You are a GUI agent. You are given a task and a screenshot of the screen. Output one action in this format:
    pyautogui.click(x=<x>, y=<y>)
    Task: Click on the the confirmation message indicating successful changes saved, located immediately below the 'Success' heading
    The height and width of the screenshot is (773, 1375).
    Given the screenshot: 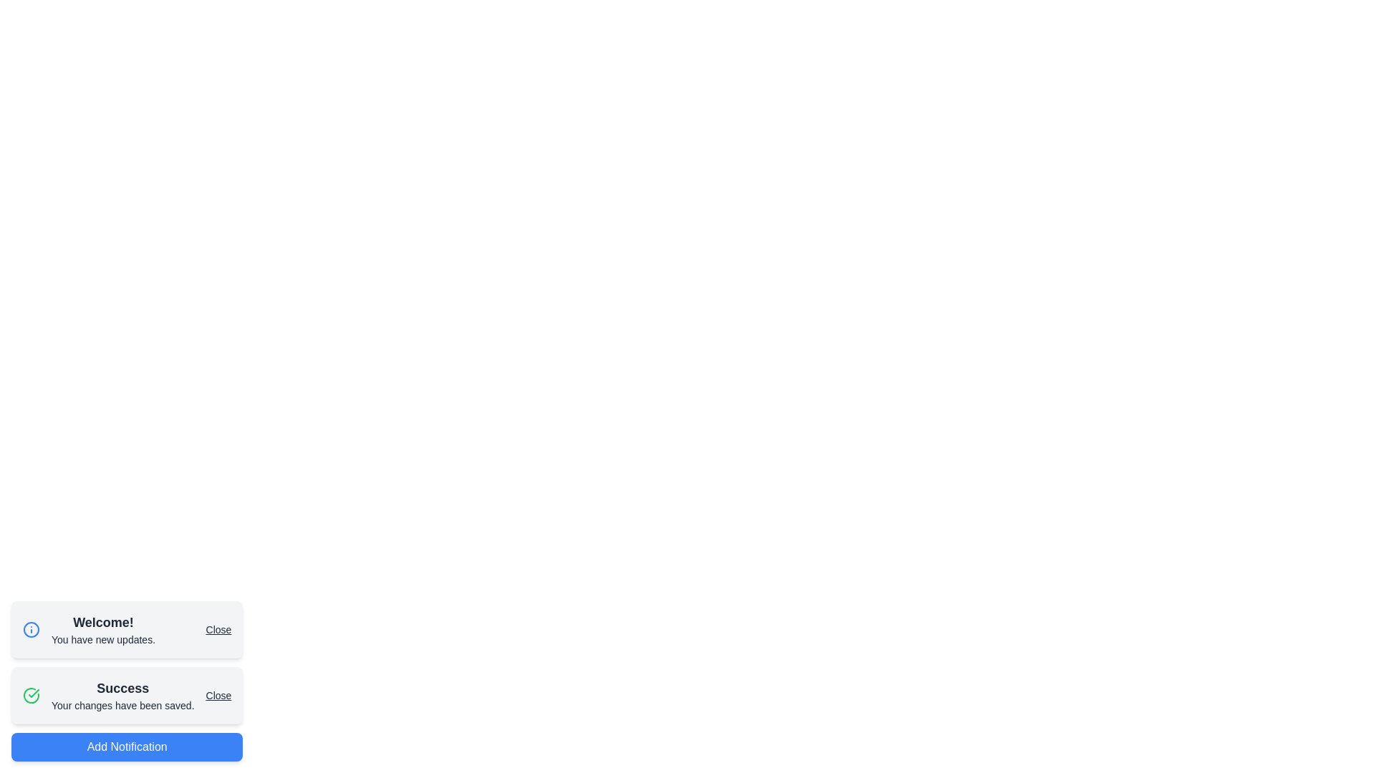 What is the action you would take?
    pyautogui.click(x=122, y=705)
    